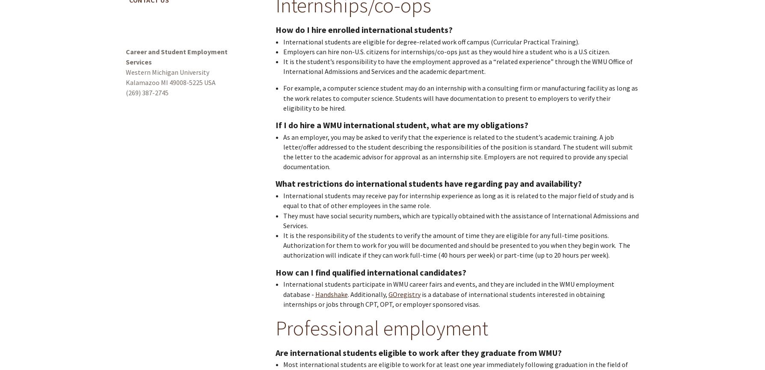 The image size is (765, 370). I want to click on 'If I do hire a WMU international student, what are my obligations?', so click(402, 124).